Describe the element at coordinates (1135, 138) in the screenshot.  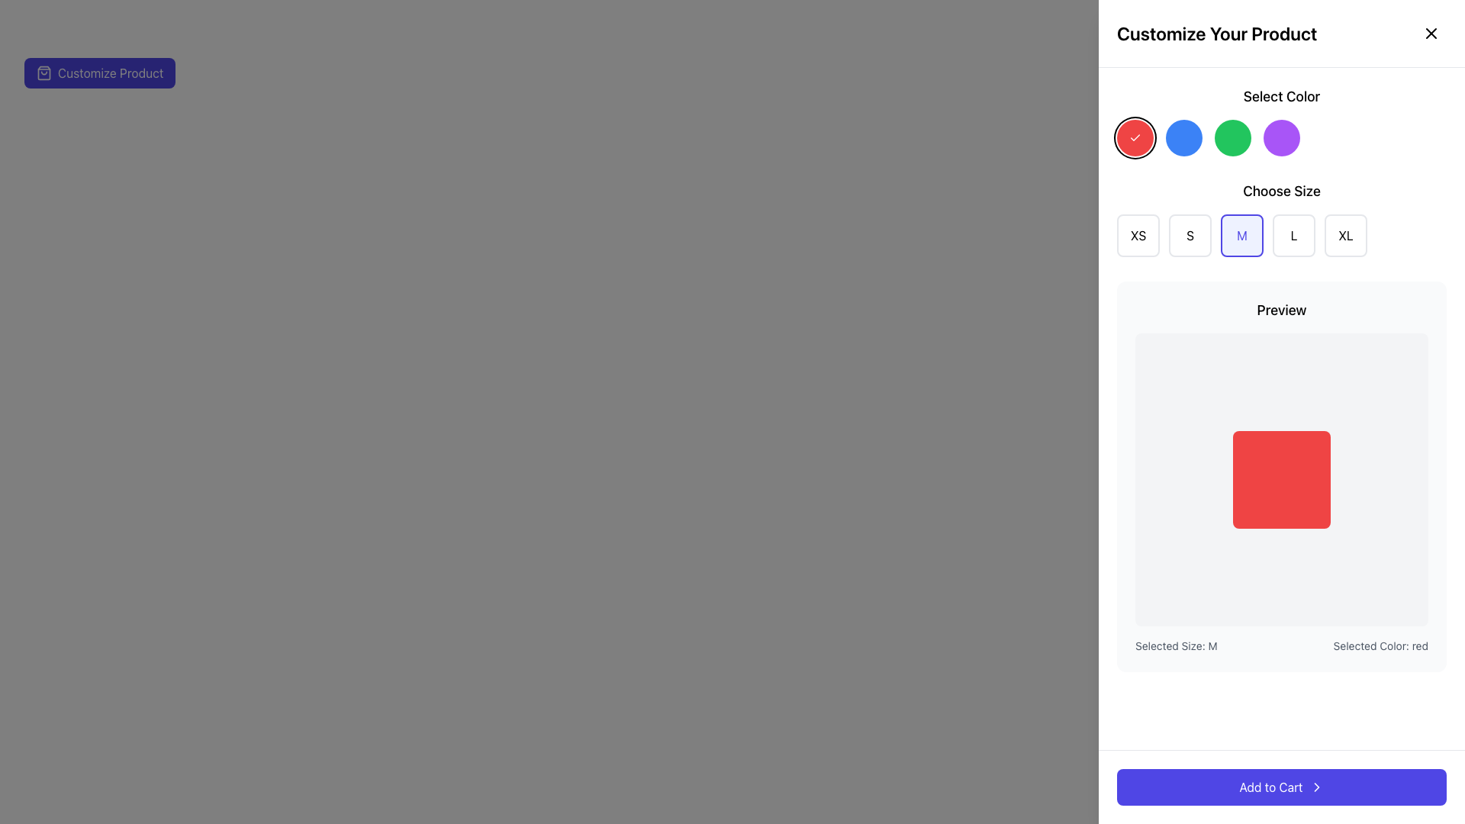
I see `the leftmost circular button in the color selection section` at that location.